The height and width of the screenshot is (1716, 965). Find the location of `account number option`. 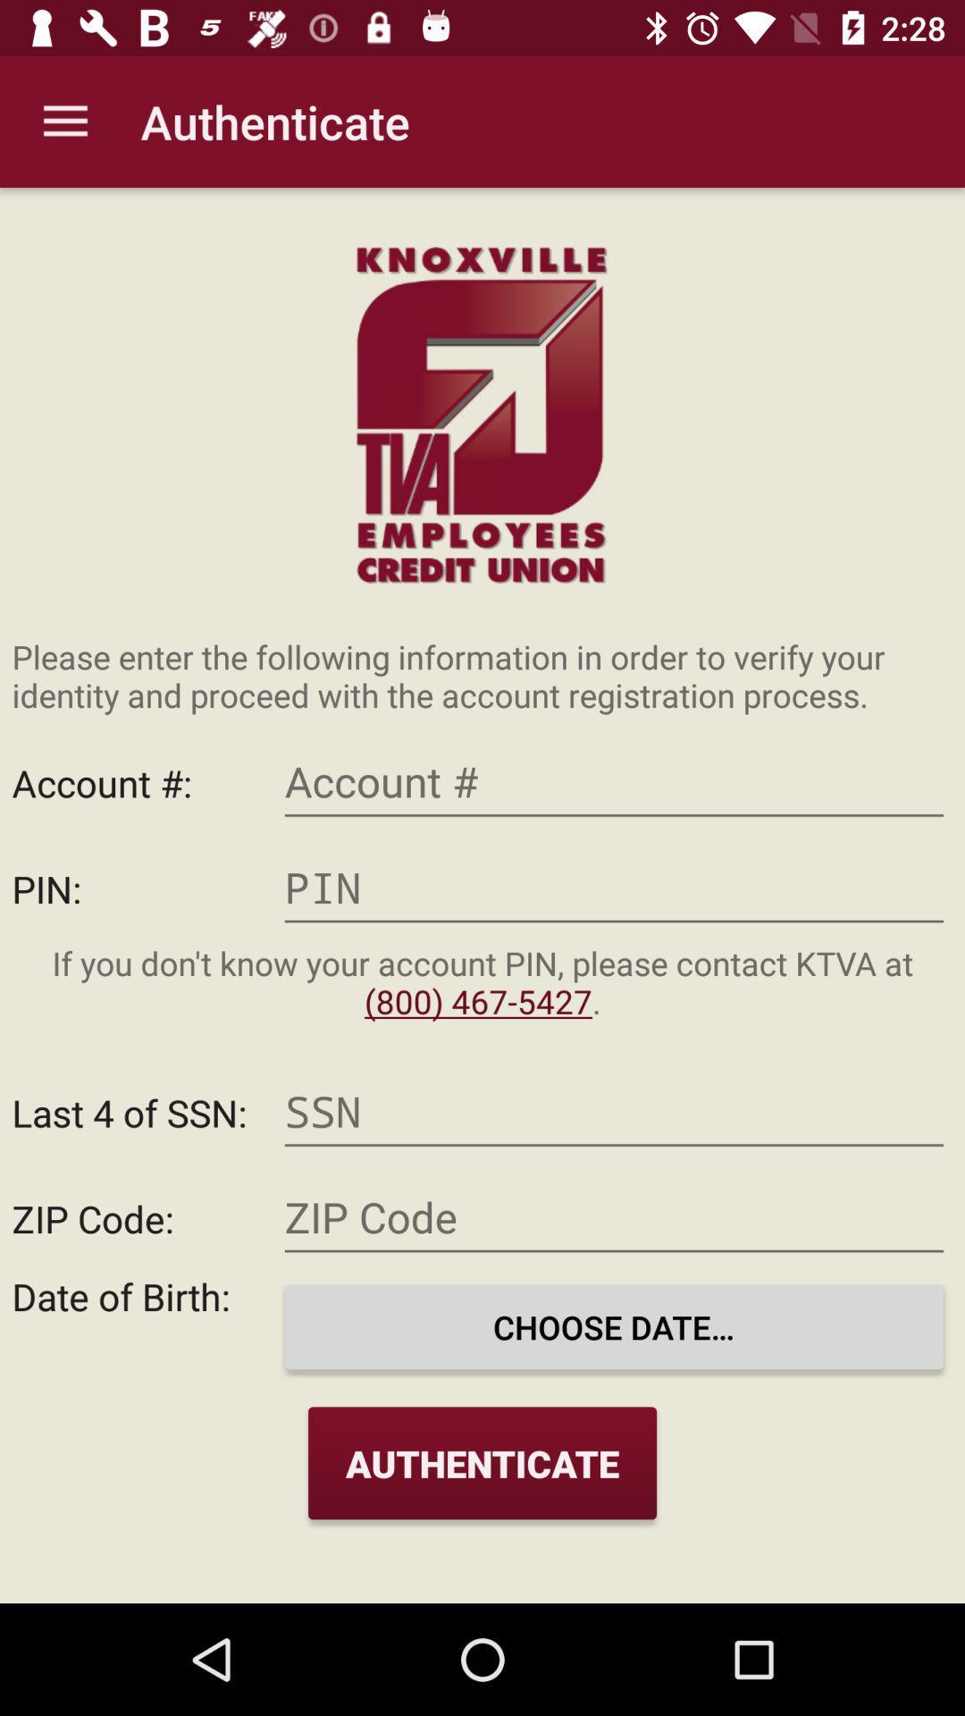

account number option is located at coordinates (613, 782).